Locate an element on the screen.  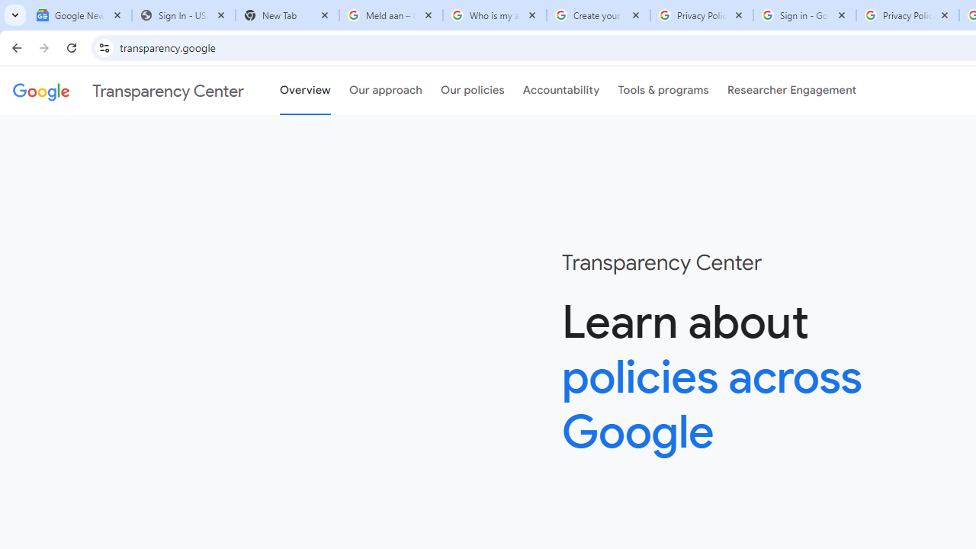
'Our policies' is located at coordinates (472, 91).